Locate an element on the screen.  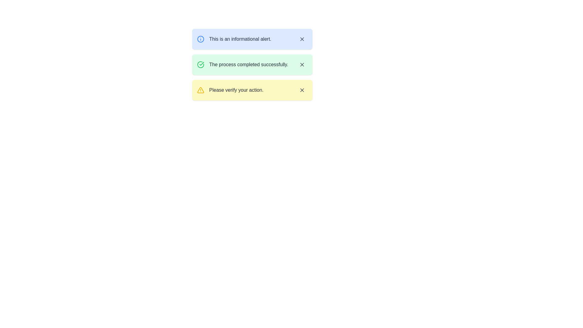
the green checkmark icon representing a success status within the success alert box that is the second from the top is located at coordinates (201, 64).